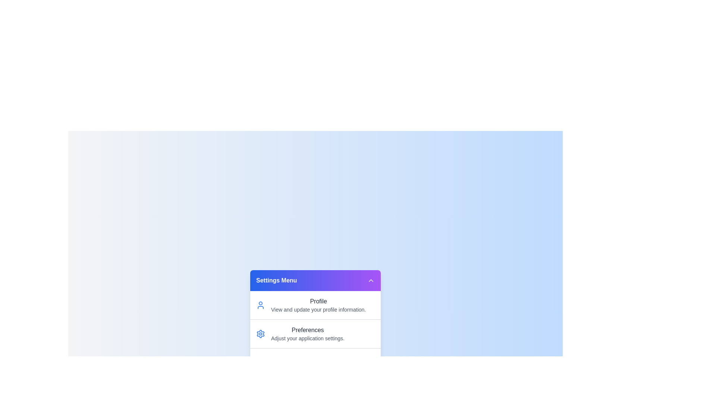 This screenshot has height=403, width=716. I want to click on the 'Preferences' option in the settings menu, so click(315, 333).